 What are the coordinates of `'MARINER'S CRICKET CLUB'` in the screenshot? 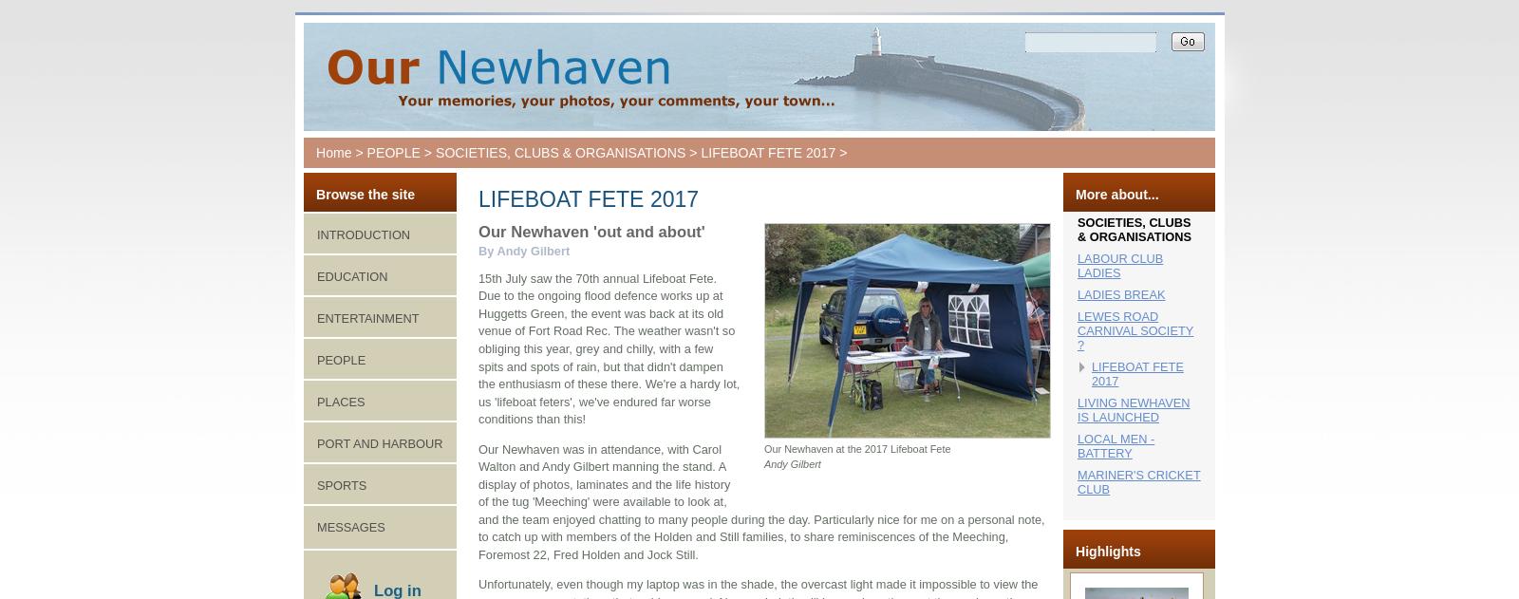 It's located at (1138, 482).